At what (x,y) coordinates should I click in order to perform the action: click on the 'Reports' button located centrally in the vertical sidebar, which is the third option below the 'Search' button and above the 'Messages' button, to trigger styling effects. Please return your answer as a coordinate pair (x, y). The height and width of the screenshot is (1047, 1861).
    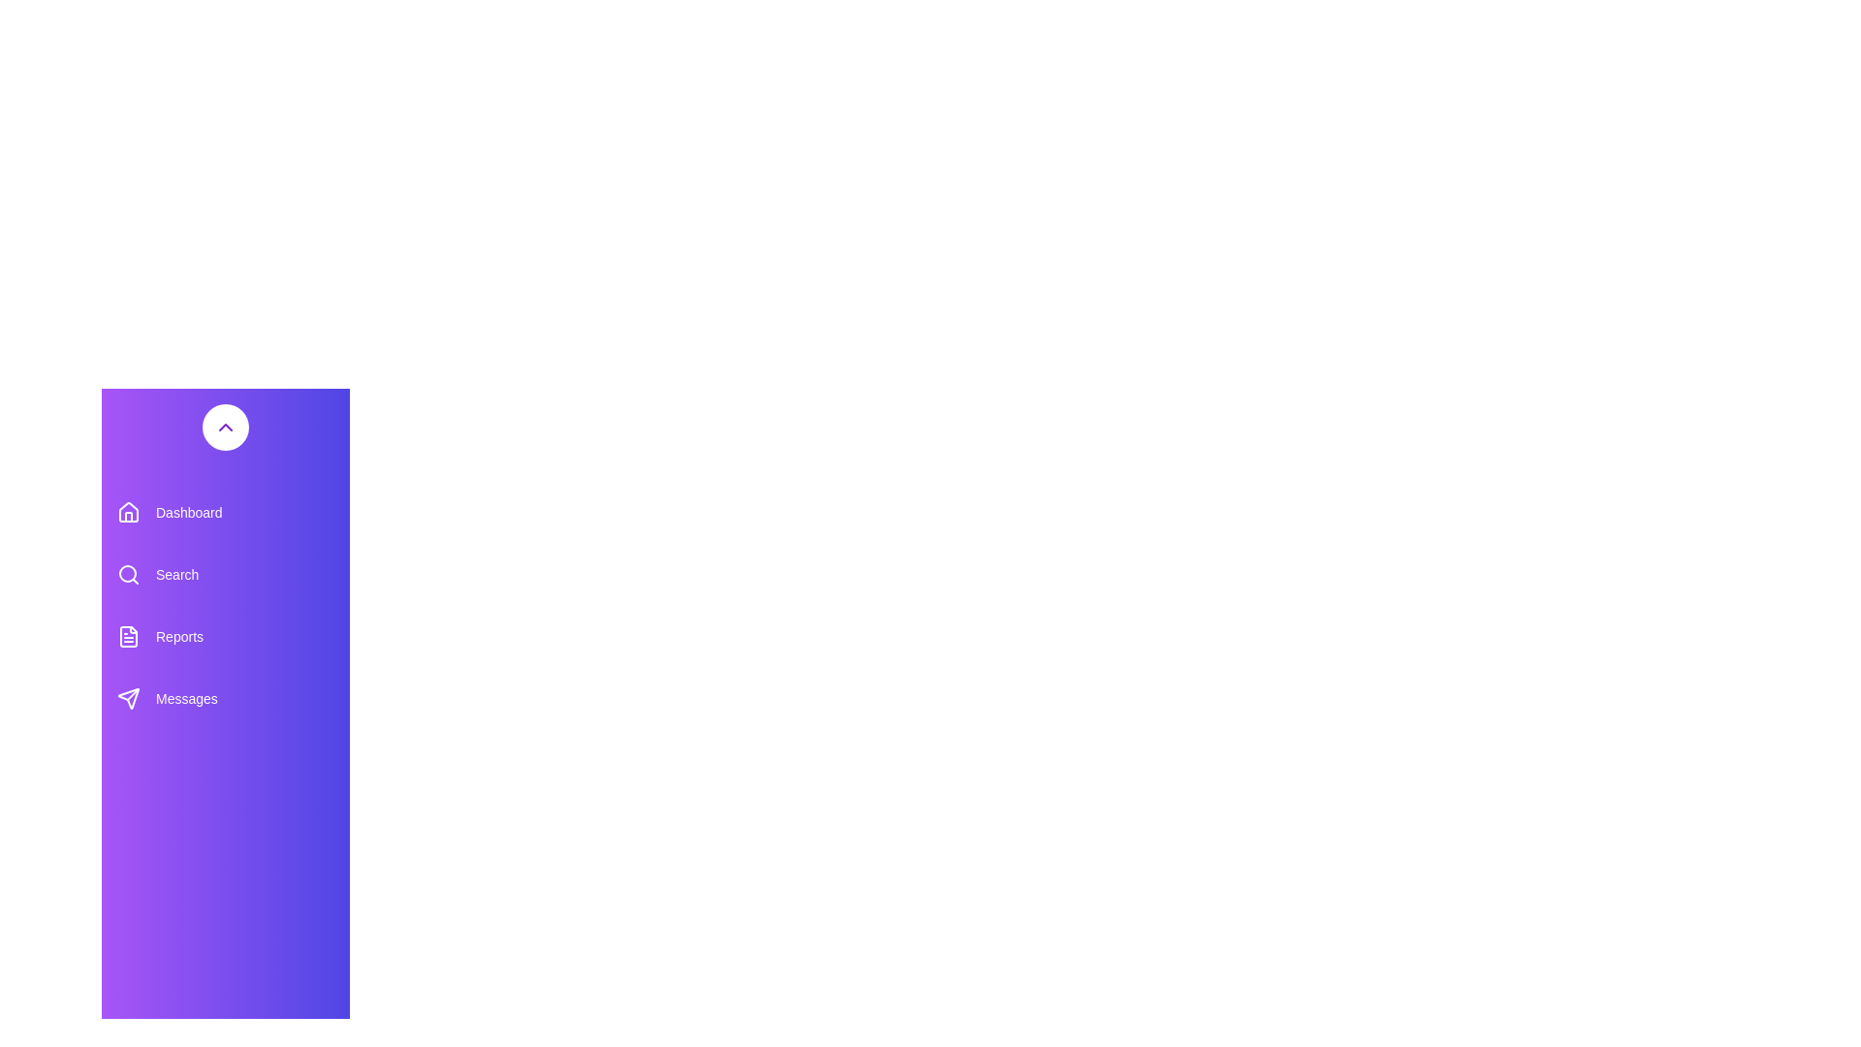
    Looking at the image, I should click on (226, 636).